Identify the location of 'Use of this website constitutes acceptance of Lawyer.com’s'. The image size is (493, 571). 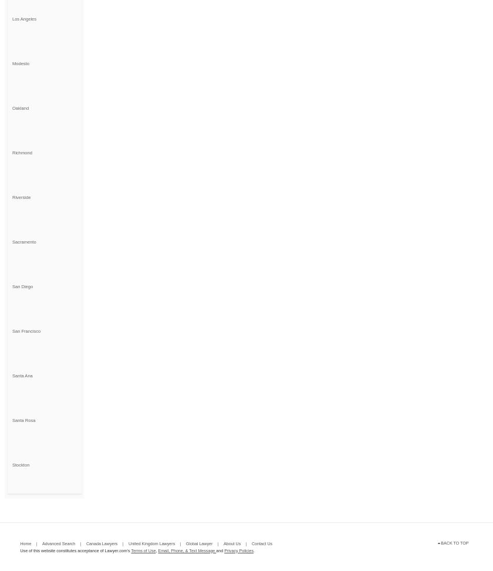
(75, 549).